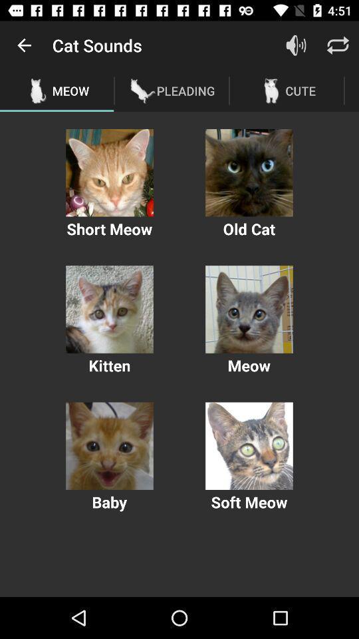 The image size is (359, 639). What do you see at coordinates (296, 45) in the screenshot?
I see `item next to the pleading item` at bounding box center [296, 45].